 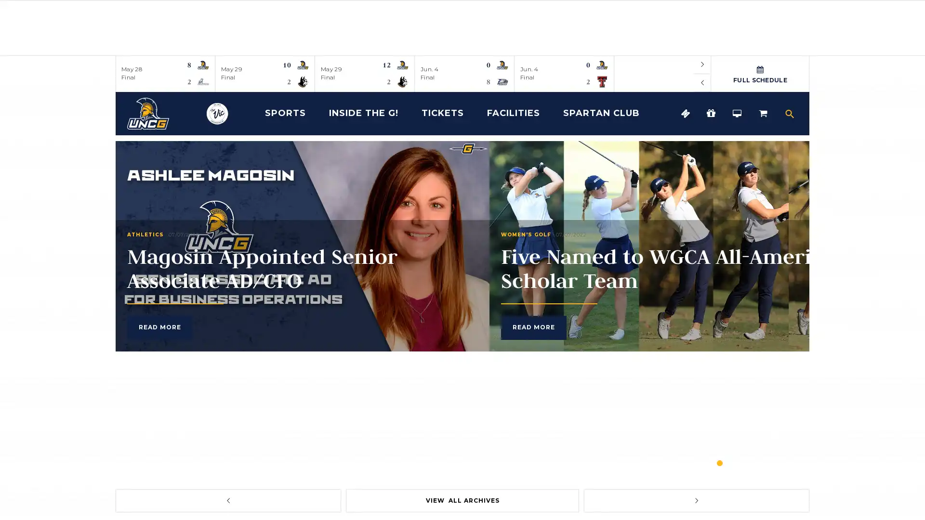 What do you see at coordinates (719, 462) in the screenshot?
I see `Navigate to slide 1` at bounding box center [719, 462].